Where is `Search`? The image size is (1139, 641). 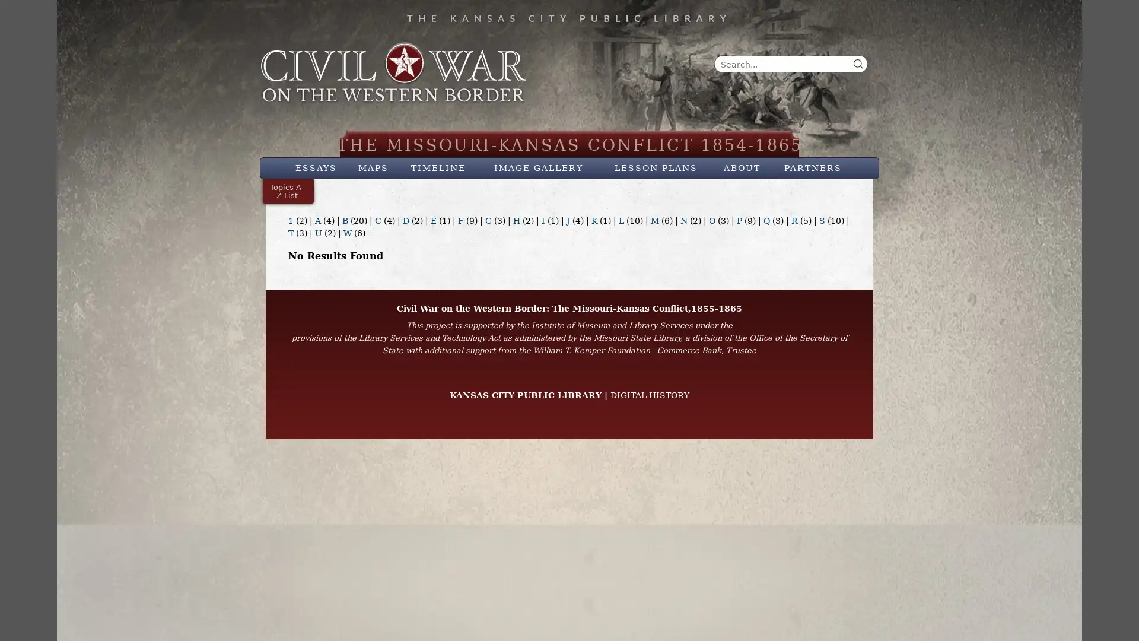 Search is located at coordinates (860, 64).